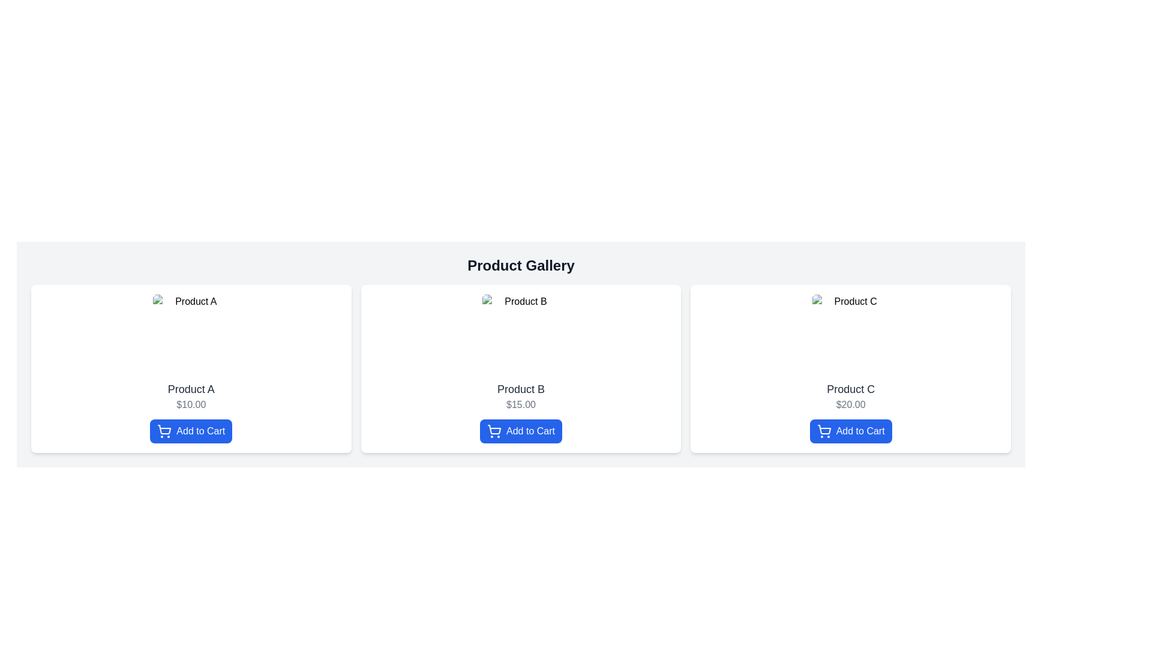 This screenshot has width=1152, height=648. Describe the element at coordinates (823, 430) in the screenshot. I see `the shopping cart icon located within the 'Add to Cart' button under the 'Product C' card in the product display grid` at that location.